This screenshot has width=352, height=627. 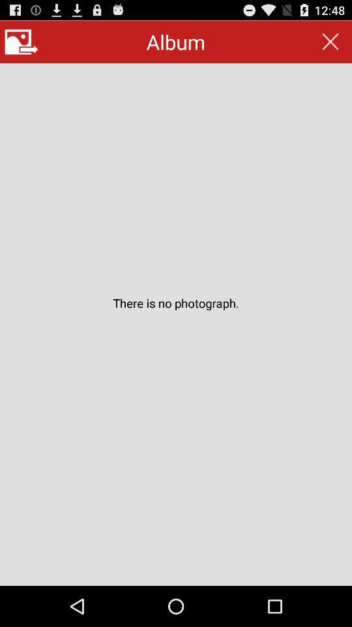 I want to click on main menu, so click(x=20, y=42).